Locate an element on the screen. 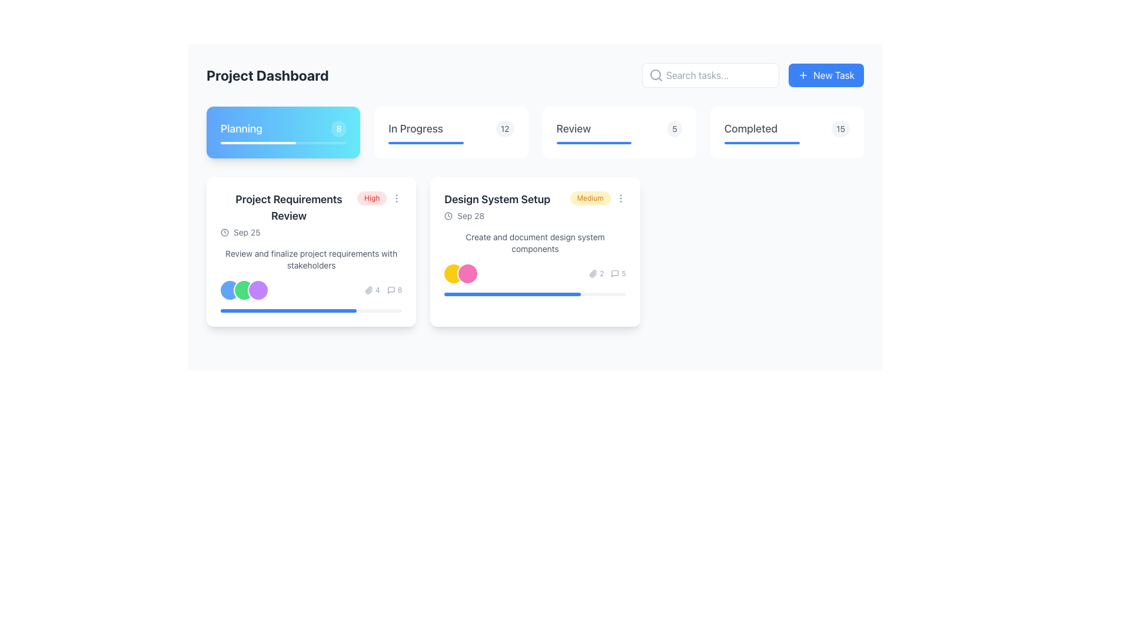 Image resolution: width=1130 pixels, height=636 pixels. the Text Display element that shows the title 'Project Requirements Review' and the date 'Sep 25', located in the leftmost task card of the second row in the 'Review' section of the dashboard is located at coordinates (289, 215).